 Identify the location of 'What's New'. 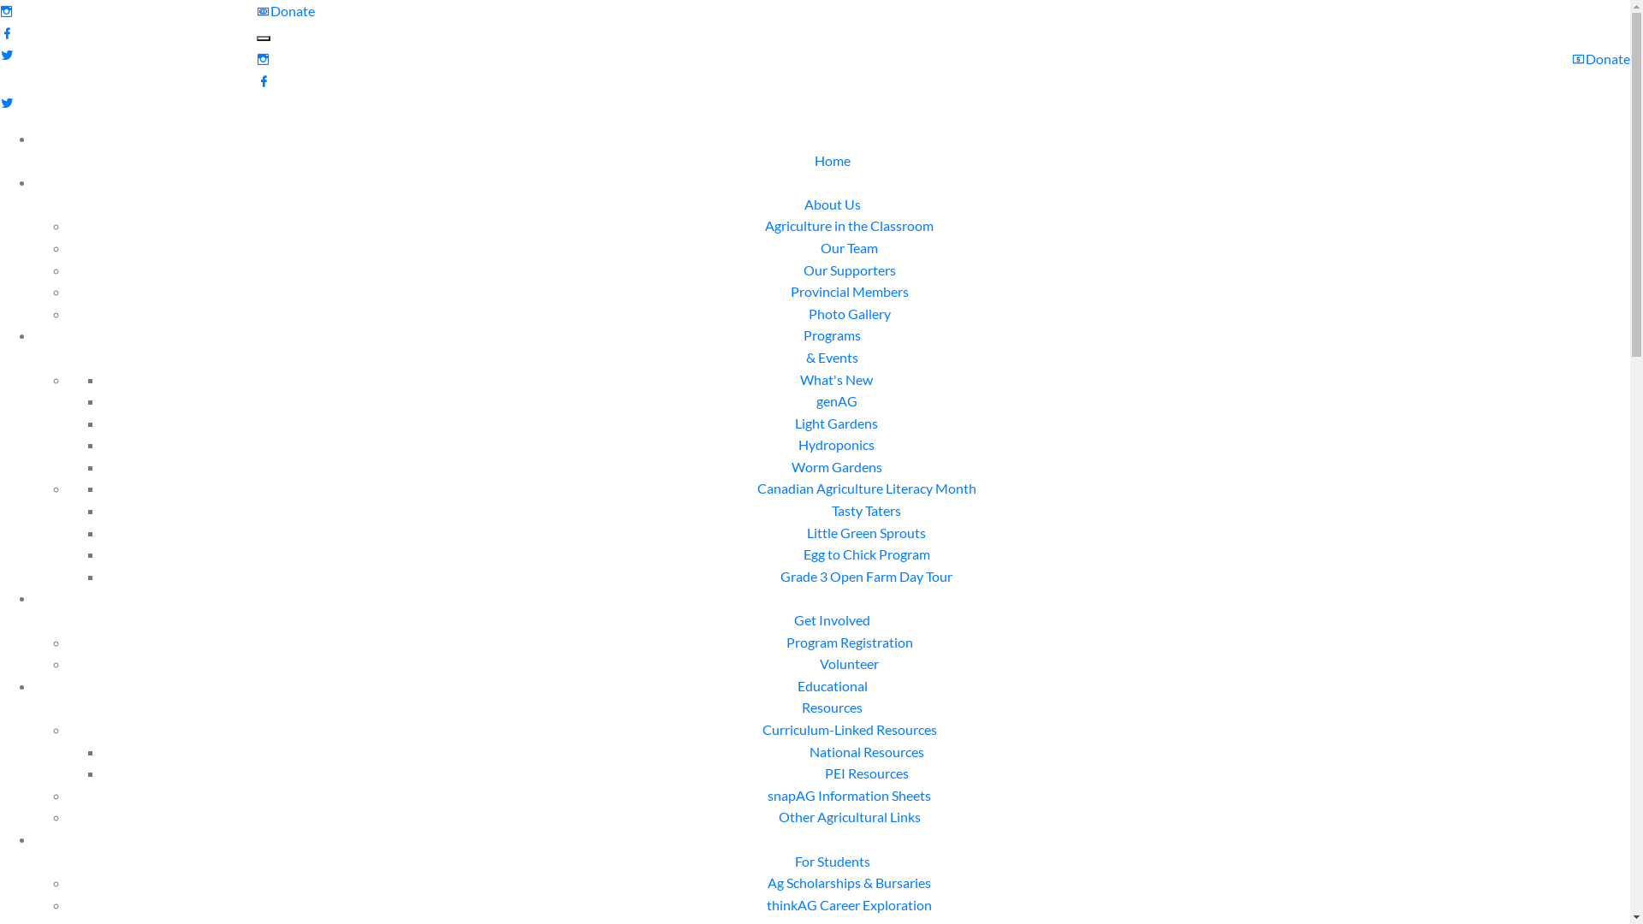
(836, 378).